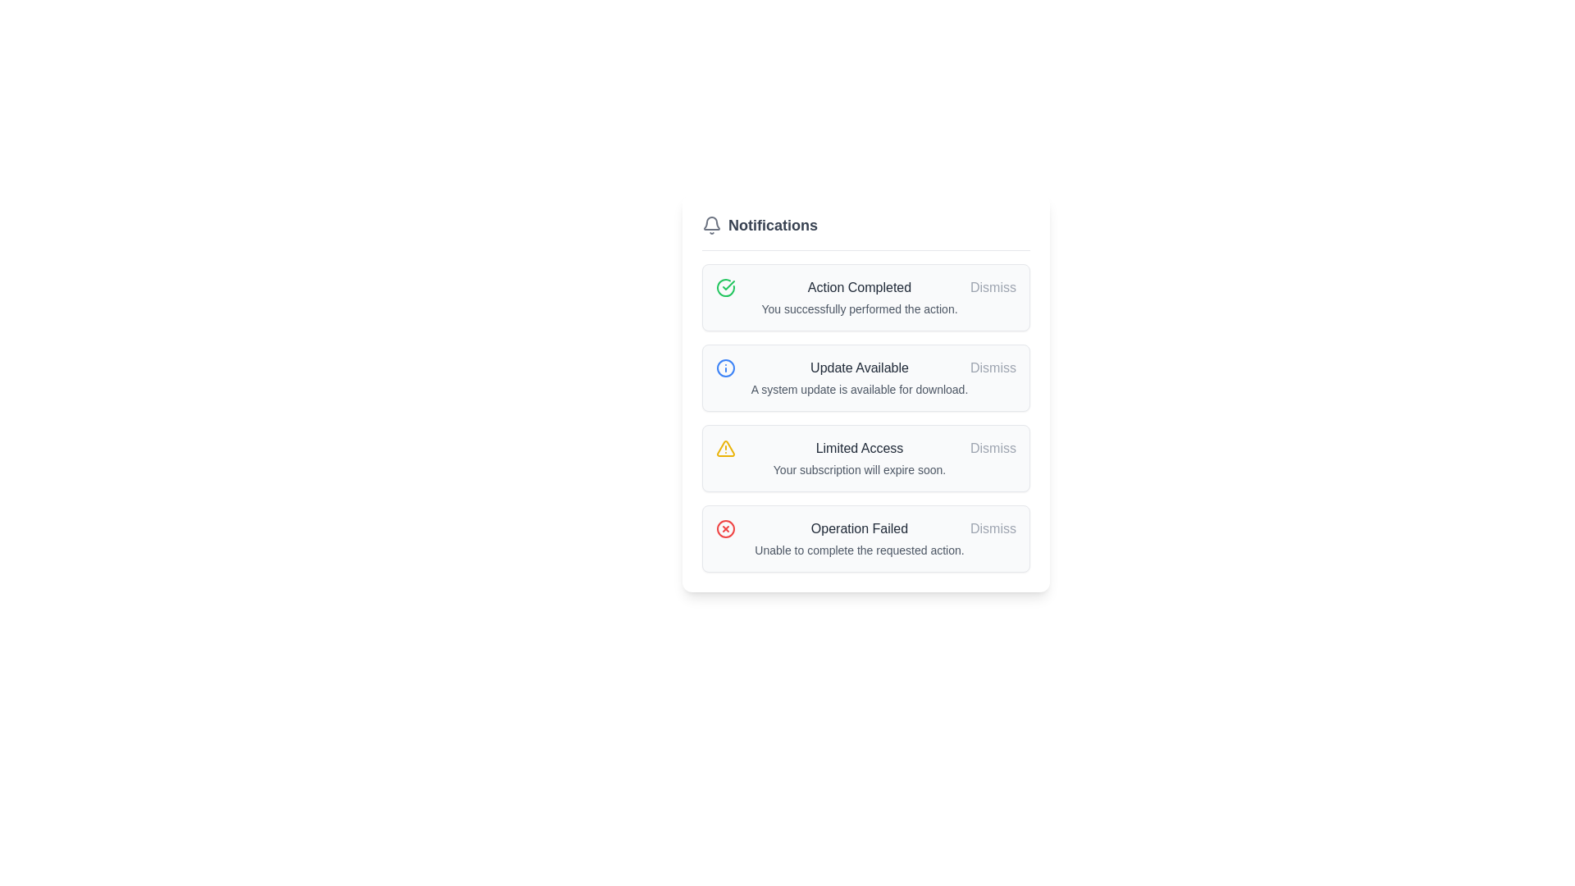  I want to click on the text display field that shows the message 'Action Completed' with the subtitle 'You successfully performed the action.', so click(858, 297).